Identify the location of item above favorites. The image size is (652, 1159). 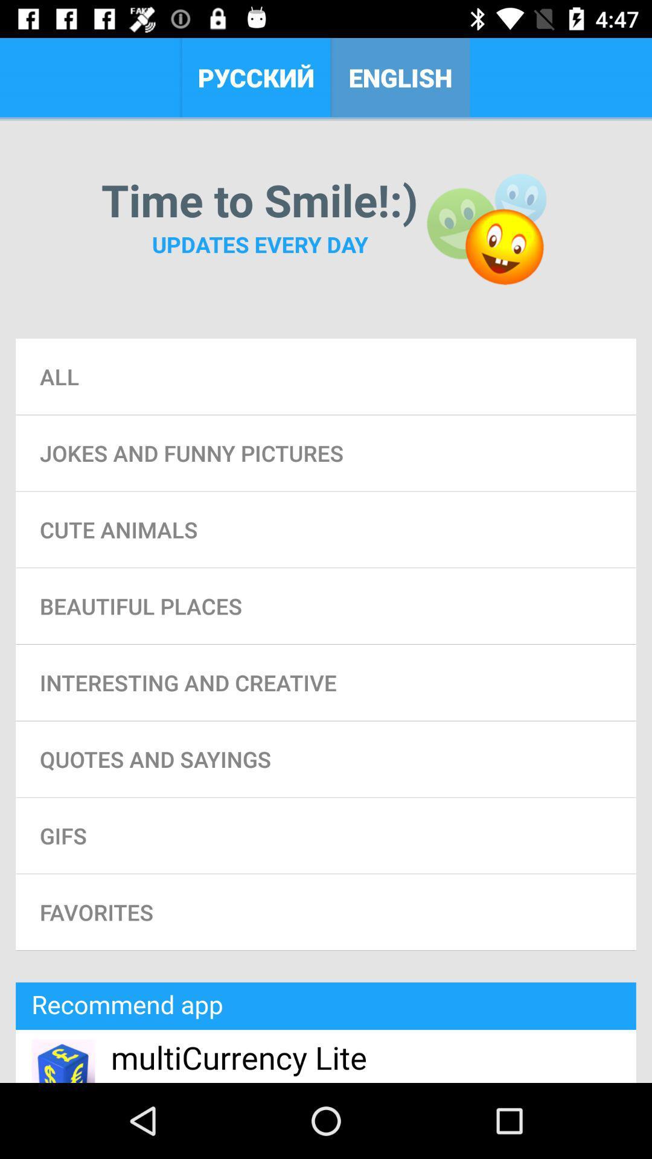
(326, 835).